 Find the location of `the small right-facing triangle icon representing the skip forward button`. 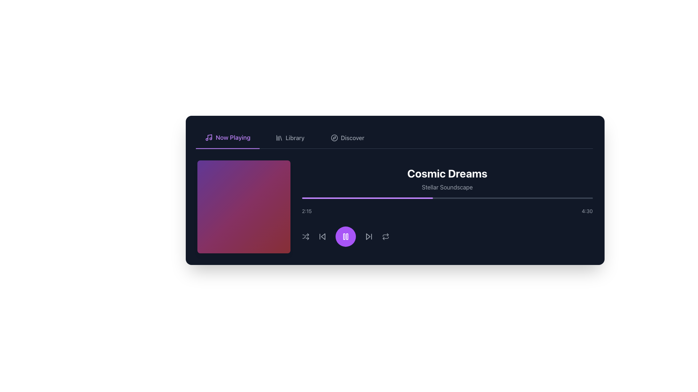

the small right-facing triangle icon representing the skip forward button is located at coordinates (368, 236).